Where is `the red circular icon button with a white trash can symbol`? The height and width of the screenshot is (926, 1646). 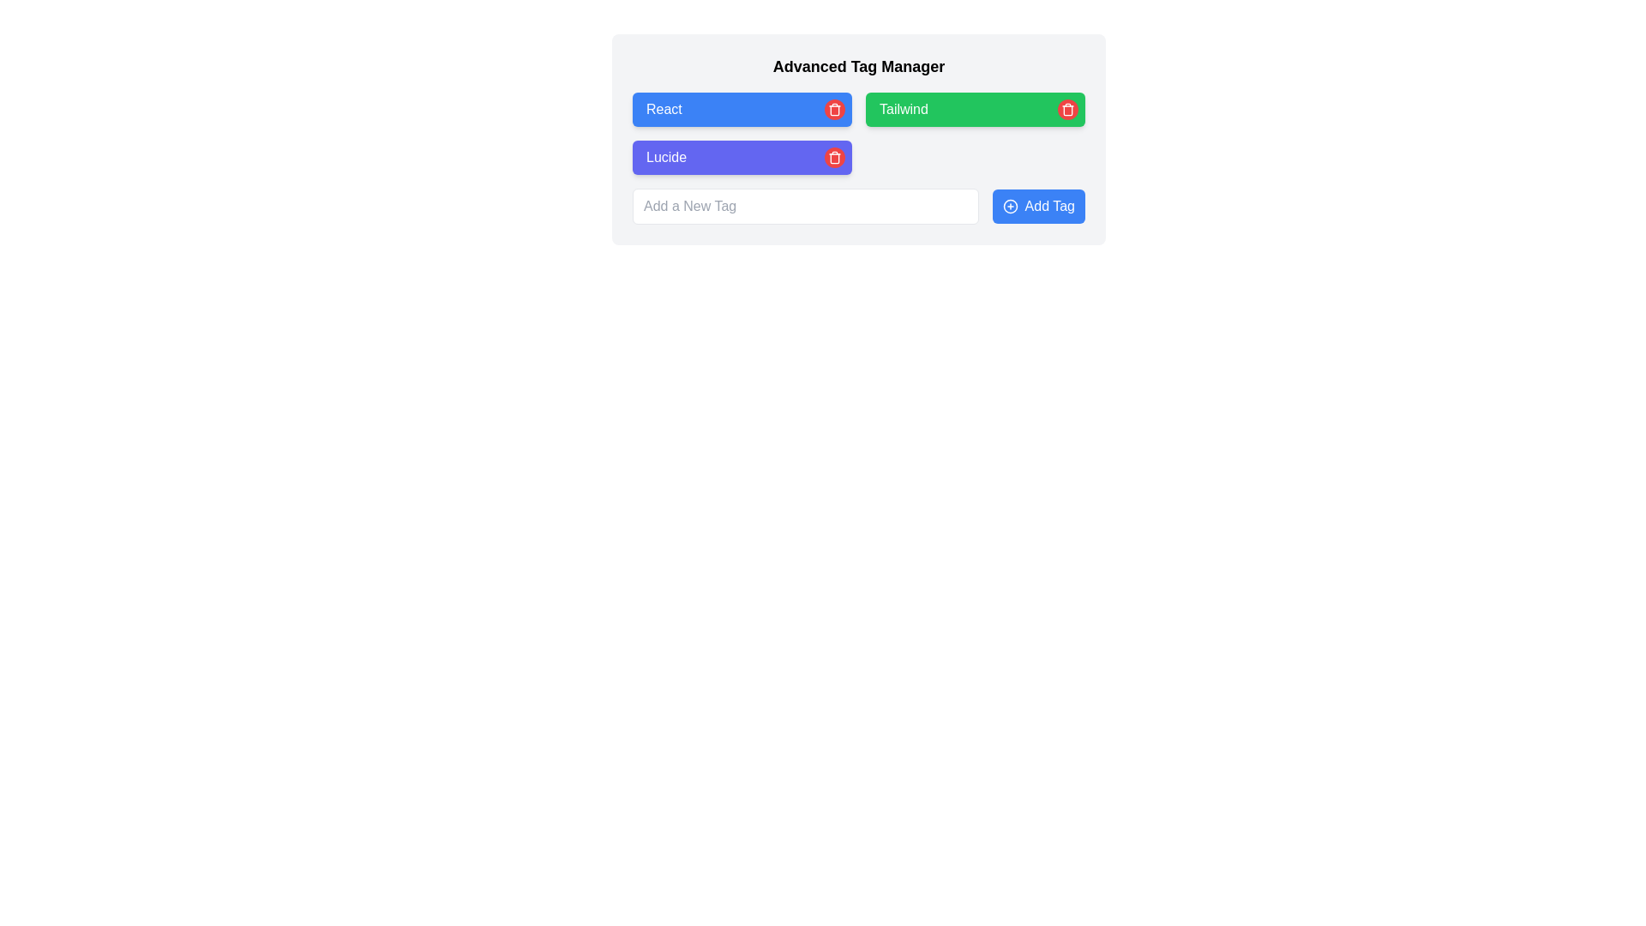
the red circular icon button with a white trash can symbol is located at coordinates (1067, 109).